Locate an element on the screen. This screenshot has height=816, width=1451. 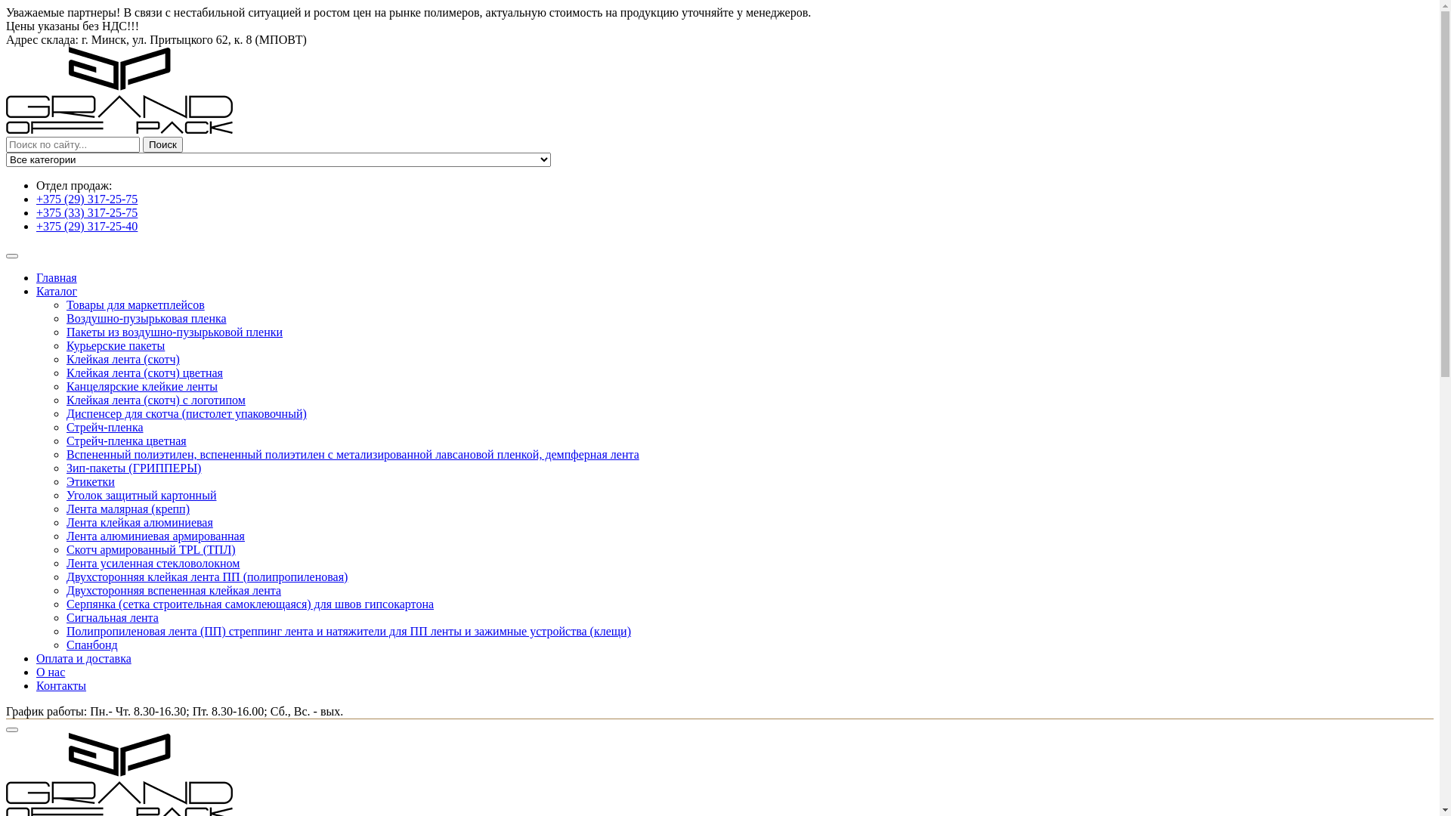
'+375 (33) 317-25-75' is located at coordinates (86, 212).